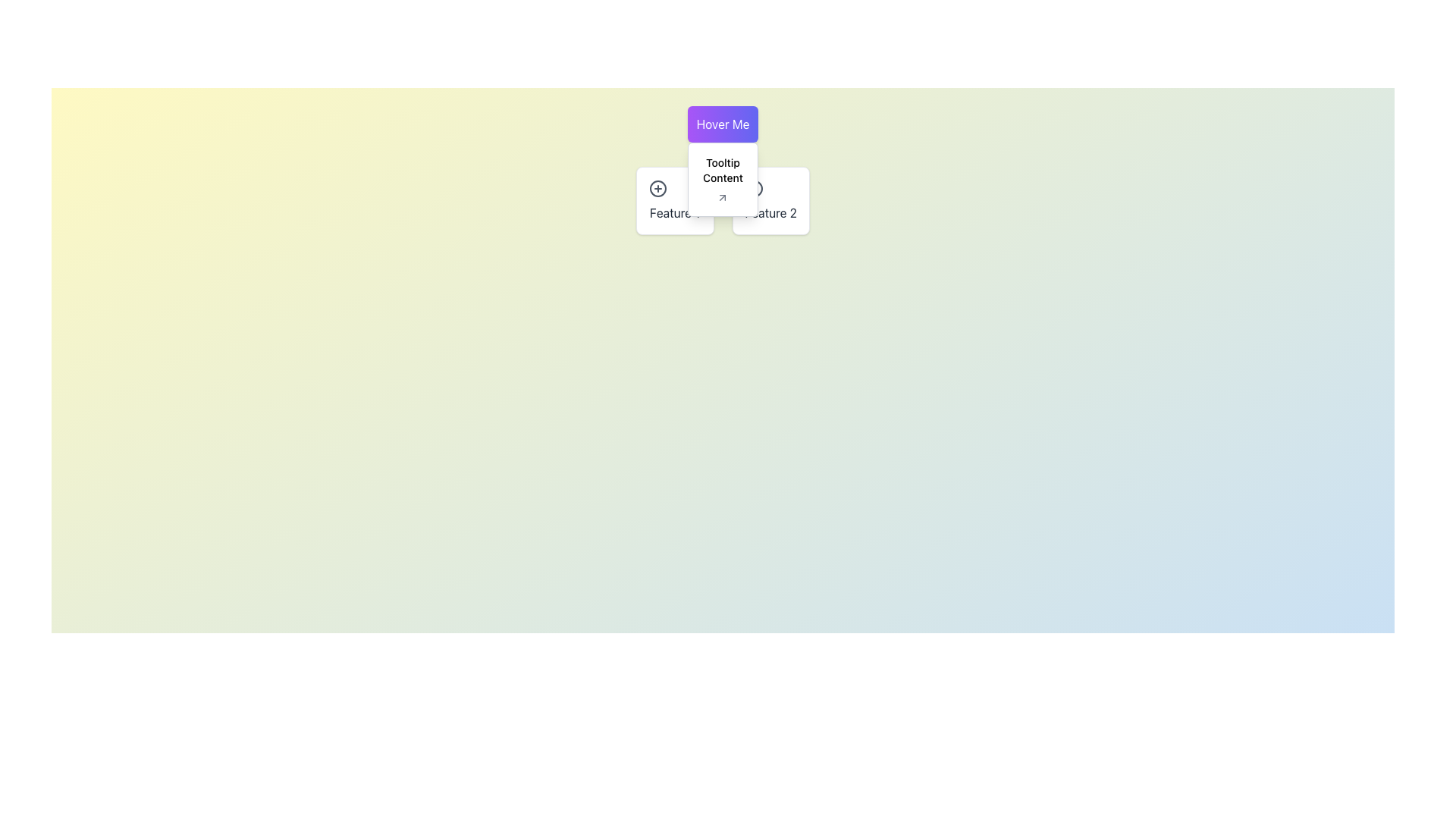 This screenshot has width=1456, height=819. I want to click on the rectangular button with rounded corners that has a gradient background transitioning from purple to indigo and contains the text 'Hover Me' in white sans-serif font, so click(722, 124).